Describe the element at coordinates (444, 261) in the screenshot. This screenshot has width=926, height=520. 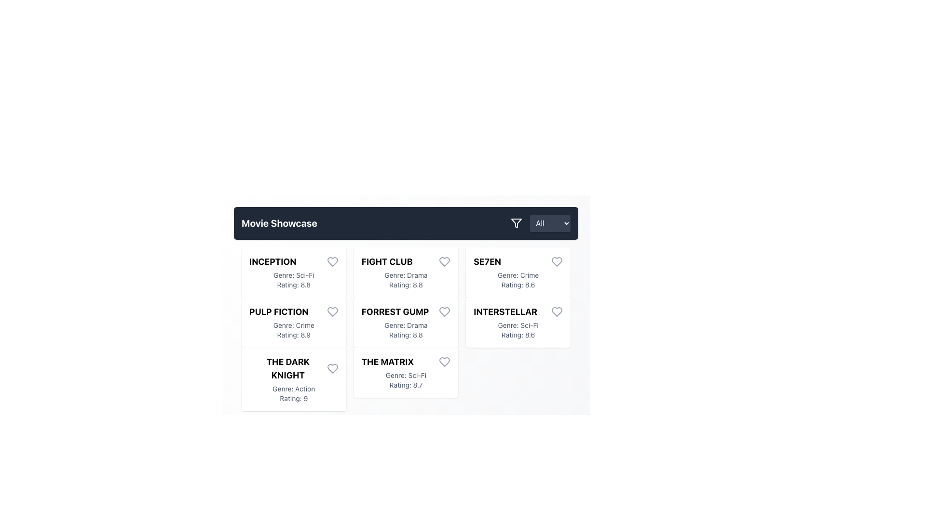
I see `the heart-shaped icon with thin borders, styled in light gray, located in the top-right corner of the 'FIGHT CLUB' card in the Movie Showcase section` at that location.